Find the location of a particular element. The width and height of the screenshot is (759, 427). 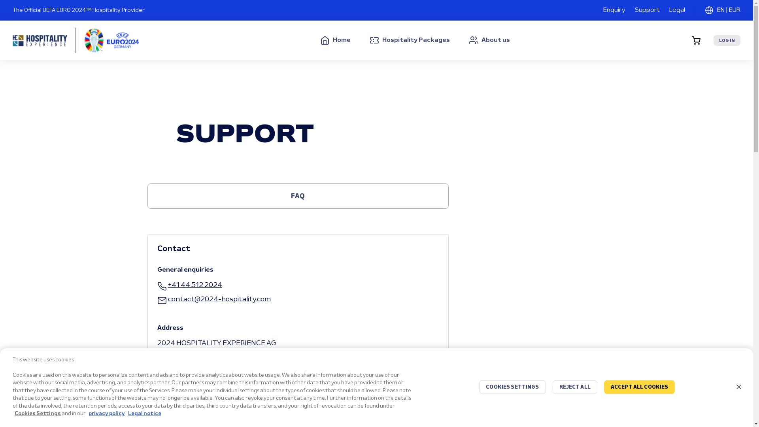

'COOKIES SETTINGS' is located at coordinates (512, 387).